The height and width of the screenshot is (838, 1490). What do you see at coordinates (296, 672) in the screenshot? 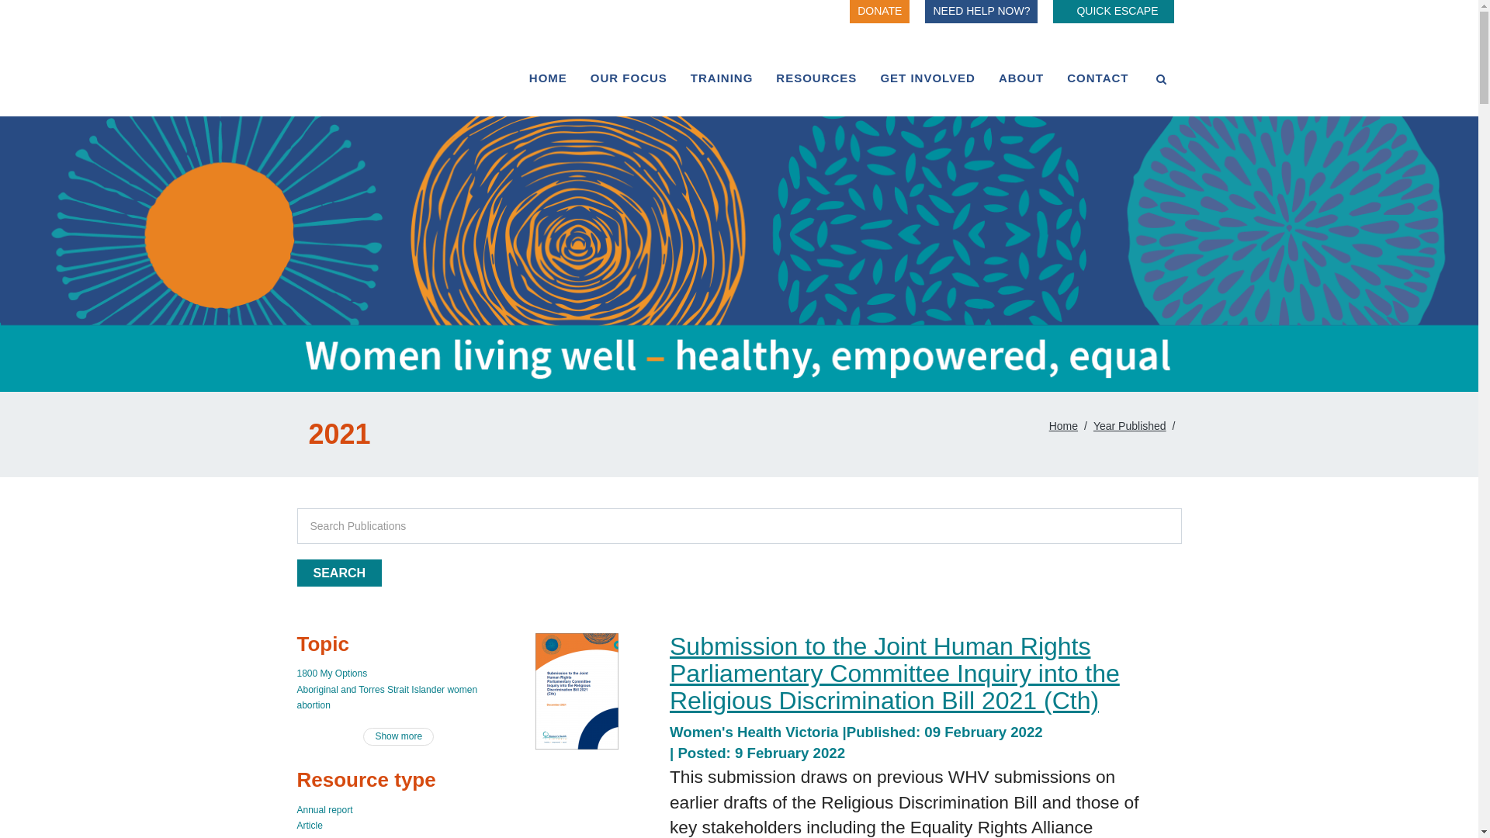
I see `'1800 My Options'` at bounding box center [296, 672].